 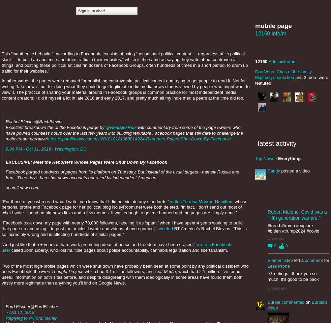 I want to click on '12160', so click(x=262, y=61).